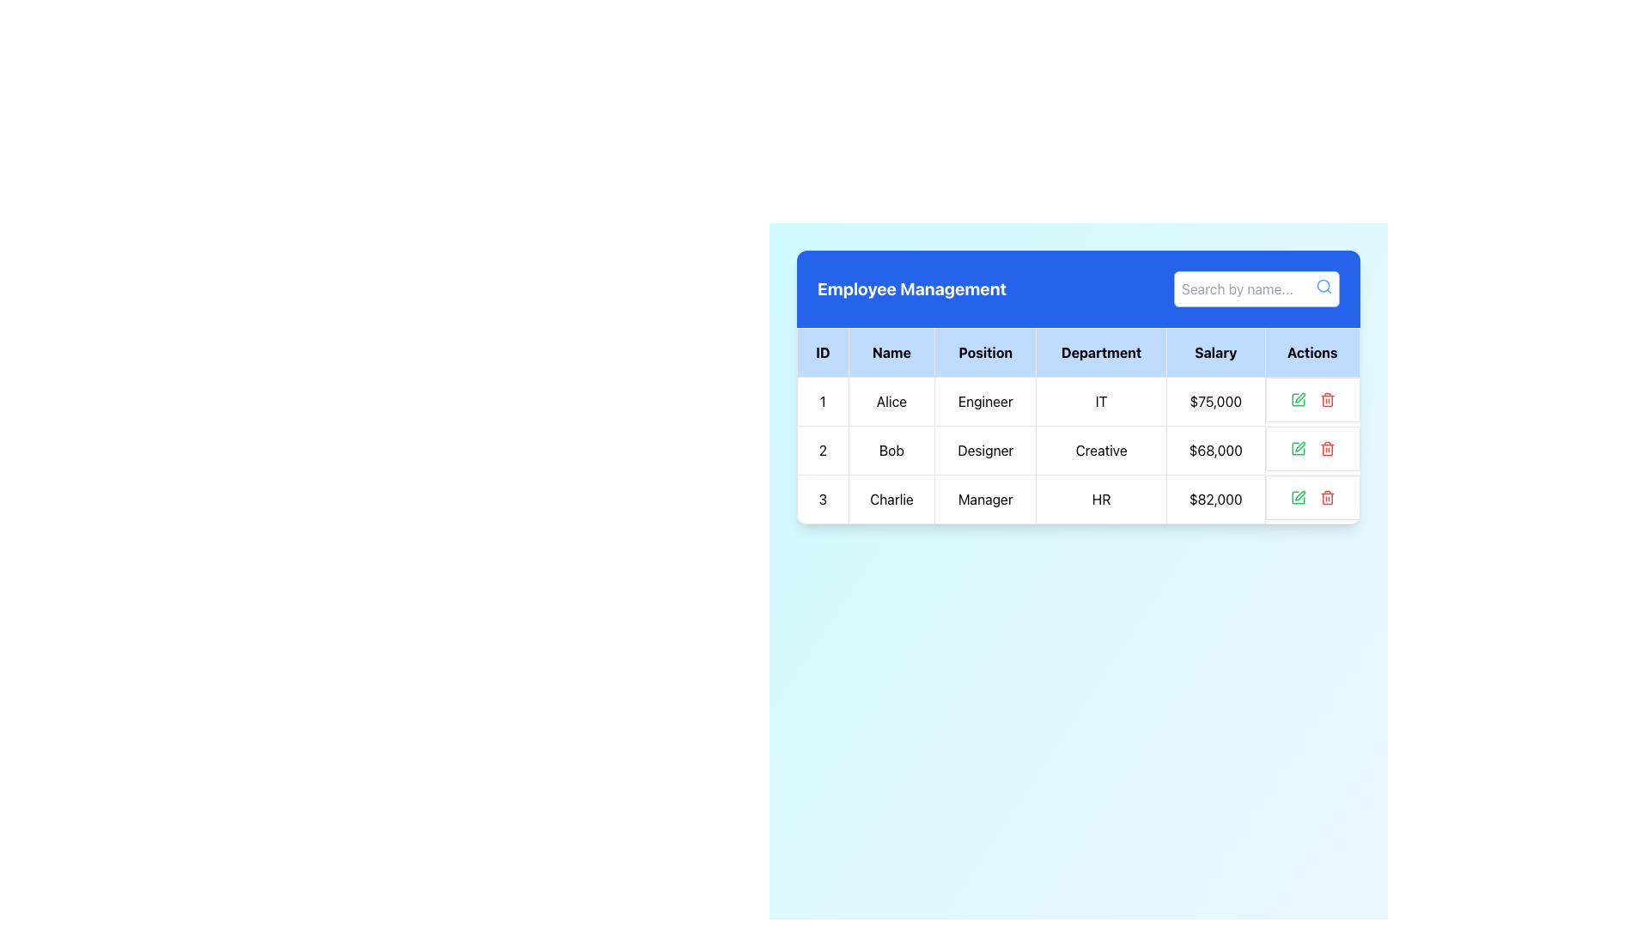 The height and width of the screenshot is (927, 1649). Describe the element at coordinates (1323, 286) in the screenshot. I see `the magnifying glass icon, which is styled with a light blue stroke and located in the top-right corner of the interface, adjacent to the search input box` at that location.